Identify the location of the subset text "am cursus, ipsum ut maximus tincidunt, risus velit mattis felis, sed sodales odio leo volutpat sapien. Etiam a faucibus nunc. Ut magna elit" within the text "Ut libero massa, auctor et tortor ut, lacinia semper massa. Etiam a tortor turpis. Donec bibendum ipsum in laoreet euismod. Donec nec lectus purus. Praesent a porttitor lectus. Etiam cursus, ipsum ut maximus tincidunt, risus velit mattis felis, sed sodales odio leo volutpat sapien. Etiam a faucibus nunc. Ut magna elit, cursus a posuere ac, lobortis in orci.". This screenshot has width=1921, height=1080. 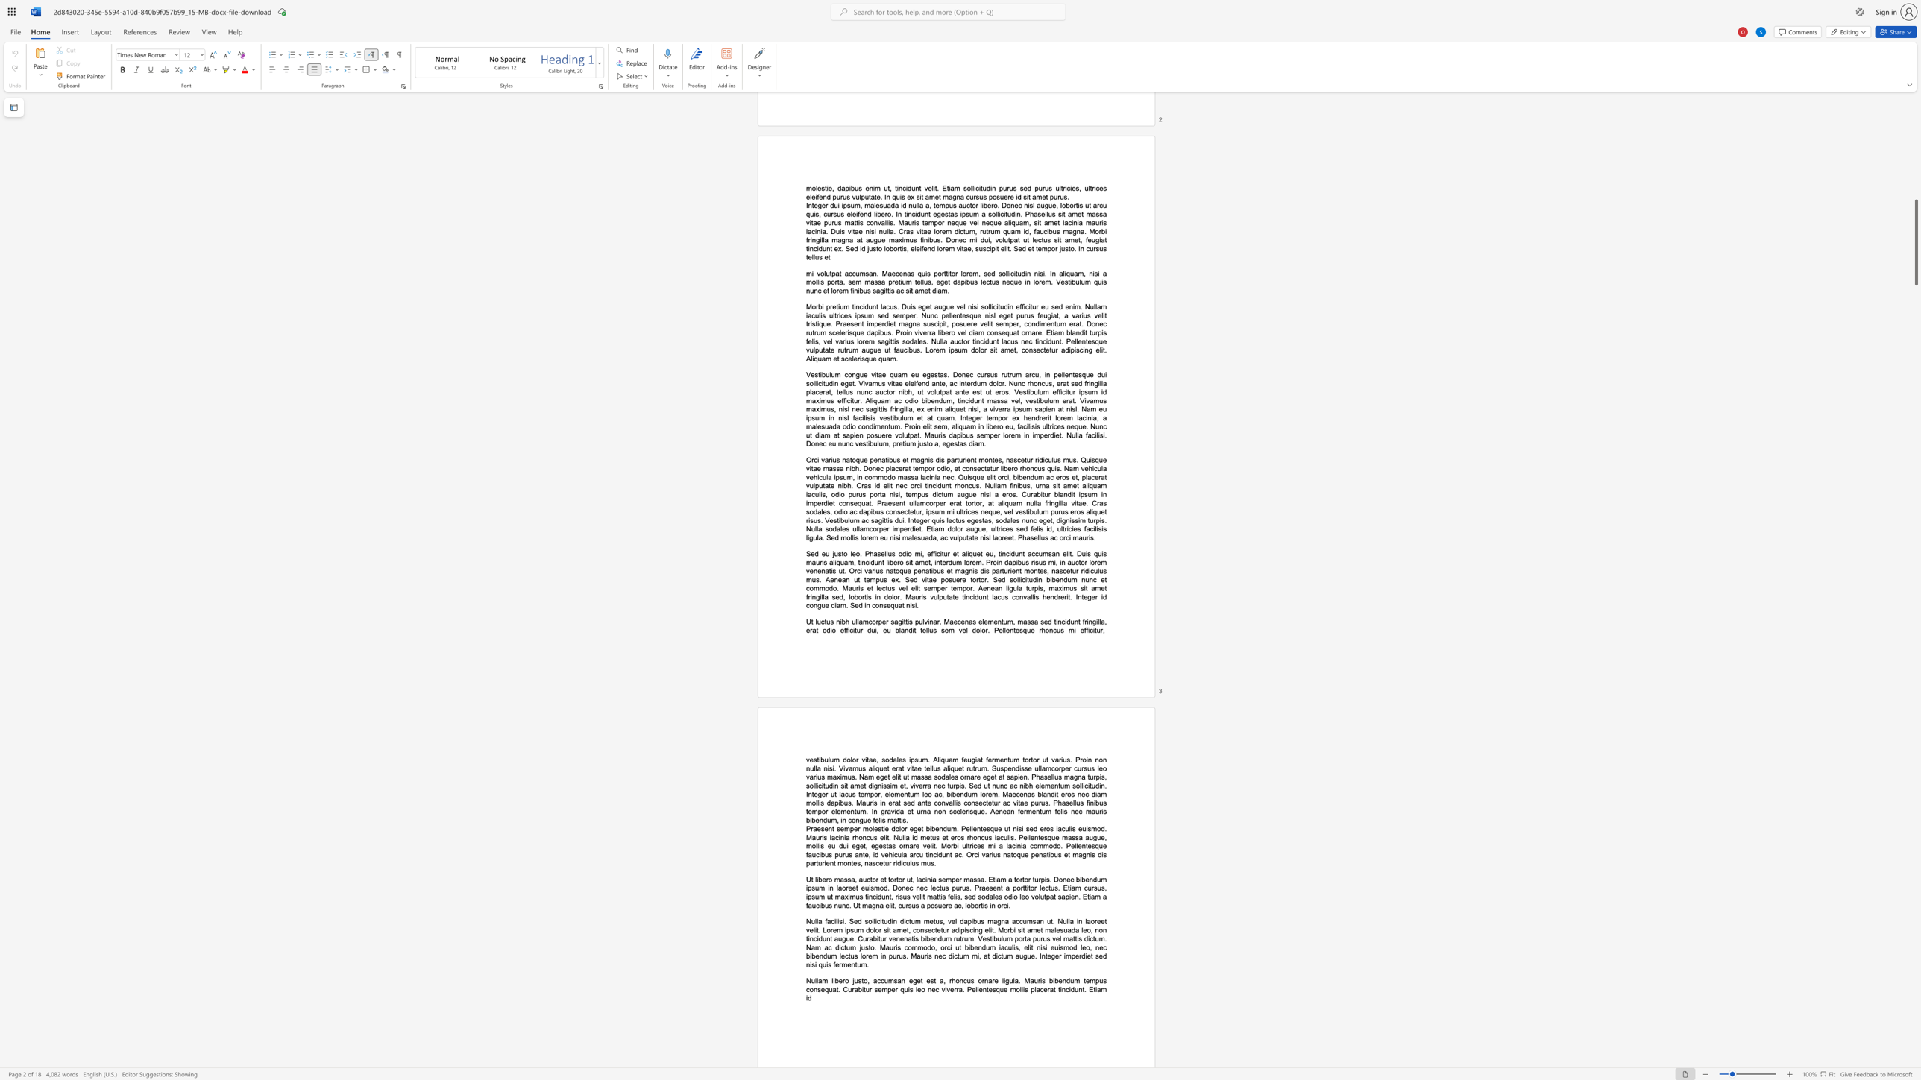
(1071, 887).